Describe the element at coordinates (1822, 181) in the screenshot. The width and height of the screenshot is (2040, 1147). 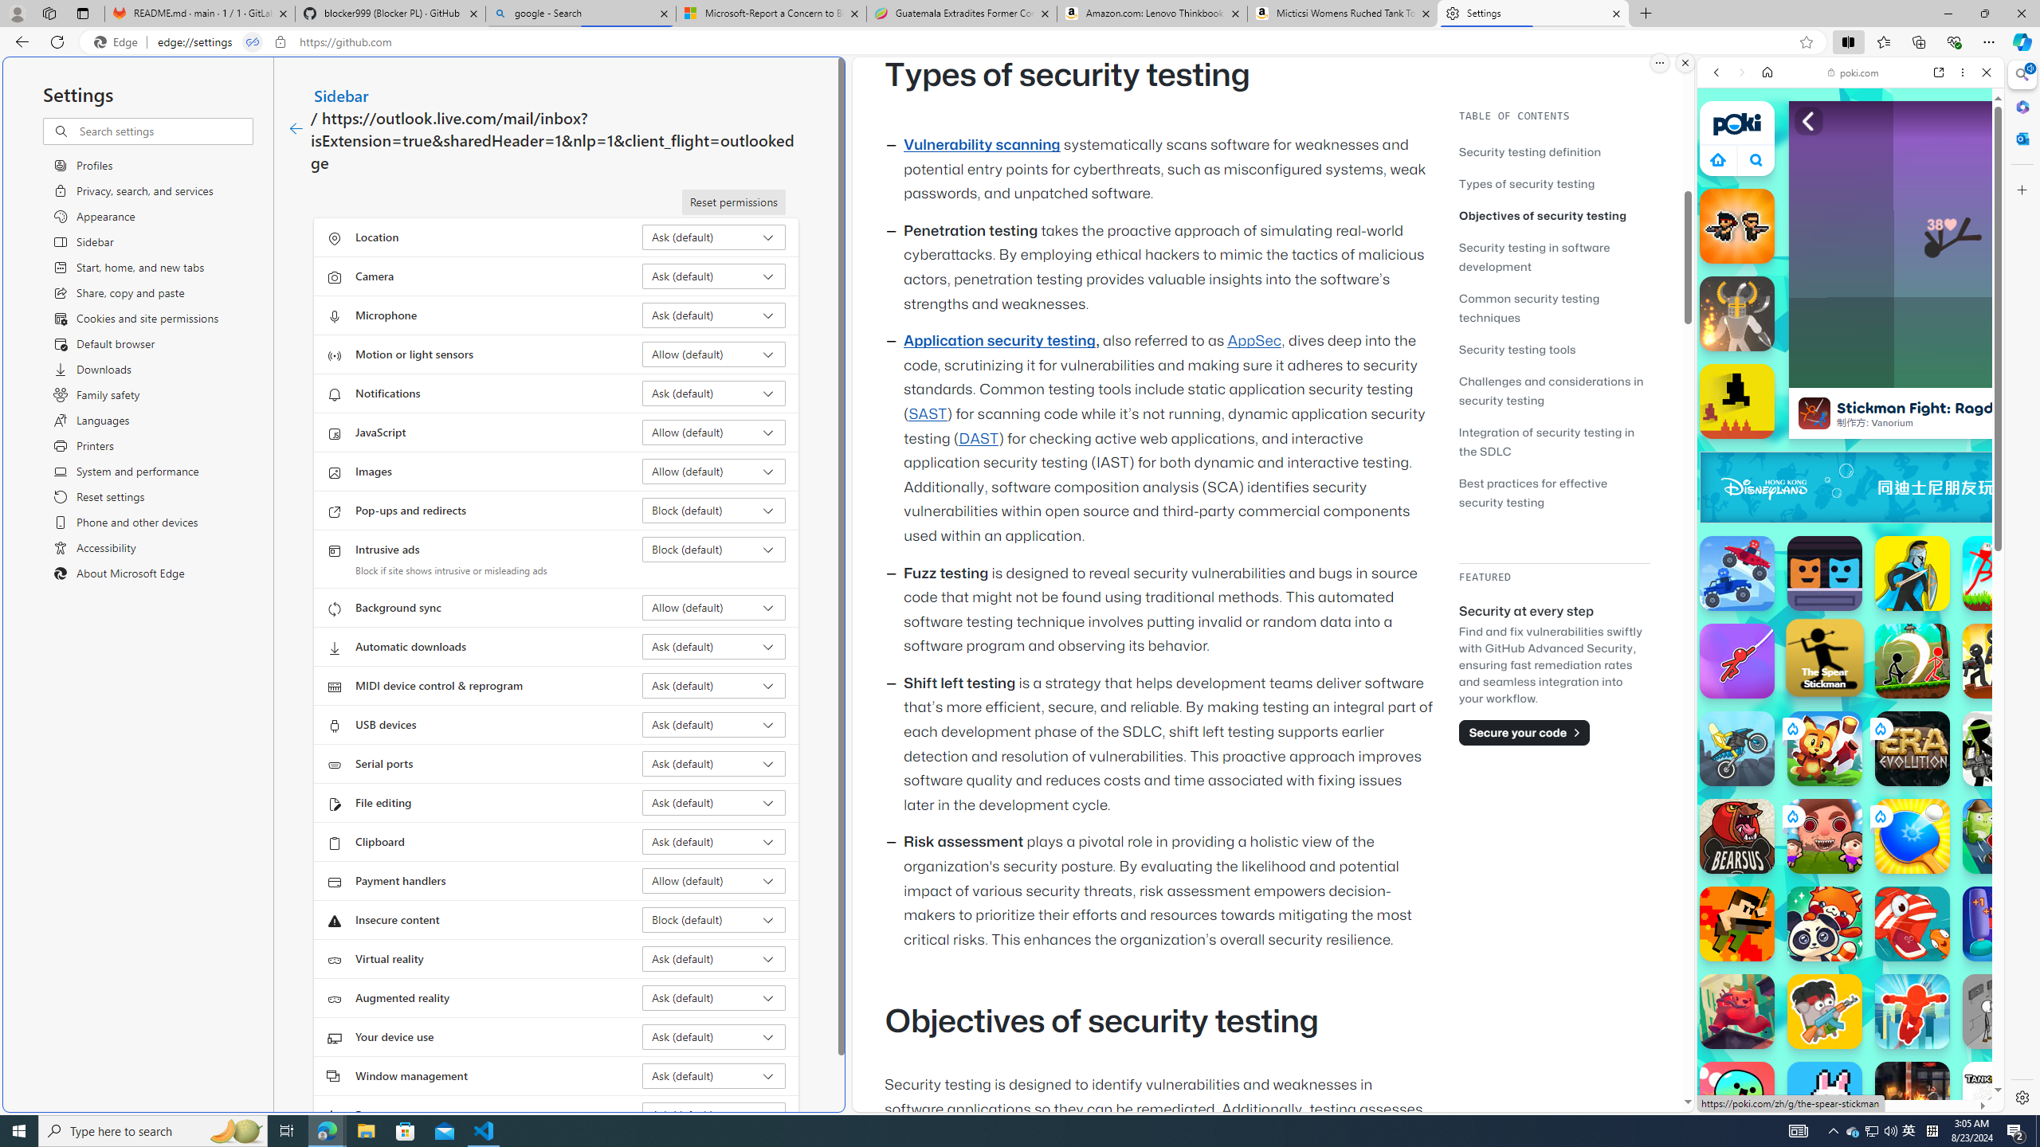
I see `'Search Filter, VIDEOS'` at that location.